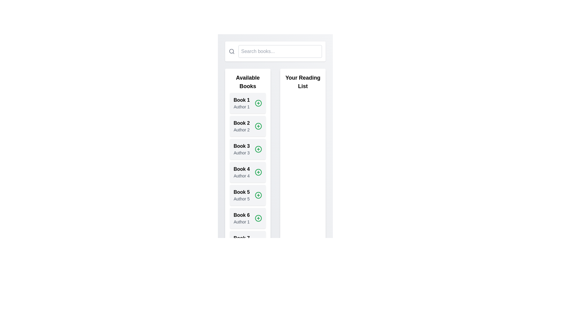 The height and width of the screenshot is (327, 581). What do you see at coordinates (258, 172) in the screenshot?
I see `the round green button with a plus sign located at the bottom right corner of 'Book 4' with 'Author 4' in the list of available books` at bounding box center [258, 172].